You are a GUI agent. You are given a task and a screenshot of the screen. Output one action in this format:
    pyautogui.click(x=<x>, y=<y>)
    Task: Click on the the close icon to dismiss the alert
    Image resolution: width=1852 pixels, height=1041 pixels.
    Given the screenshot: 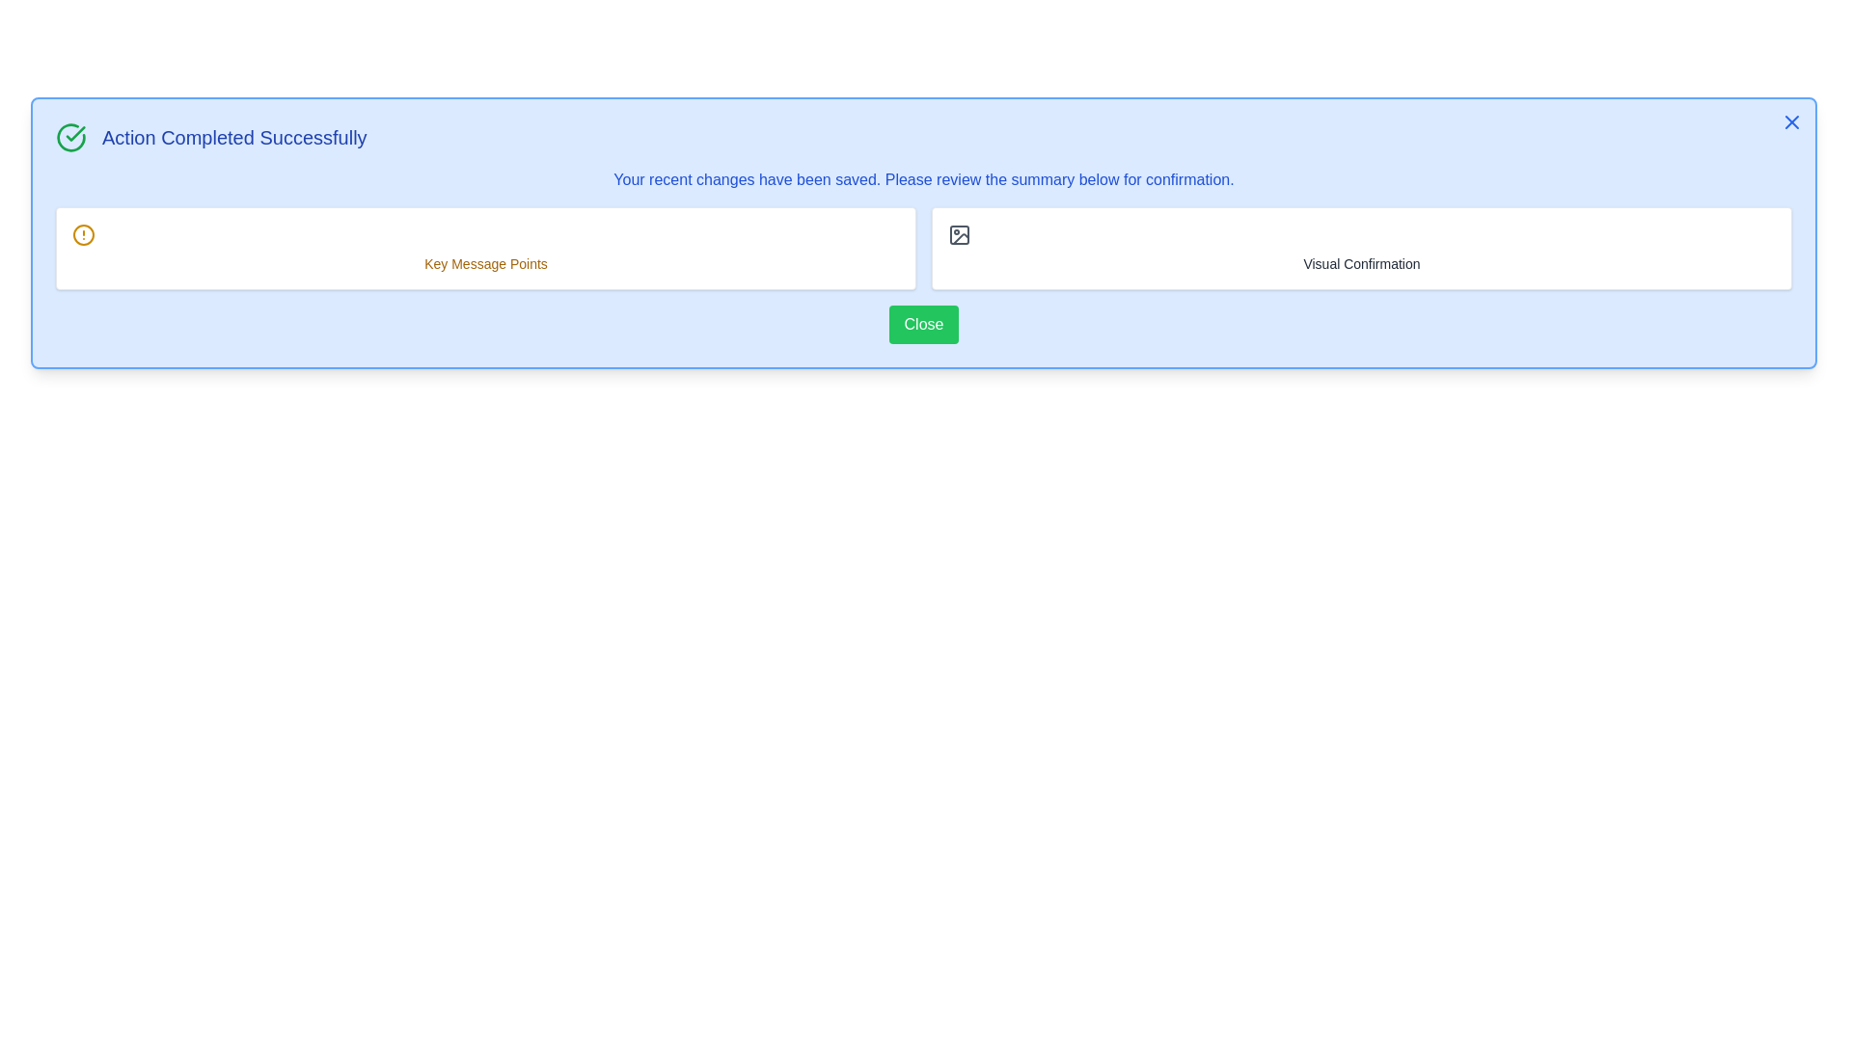 What is the action you would take?
    pyautogui.click(x=1790, y=122)
    